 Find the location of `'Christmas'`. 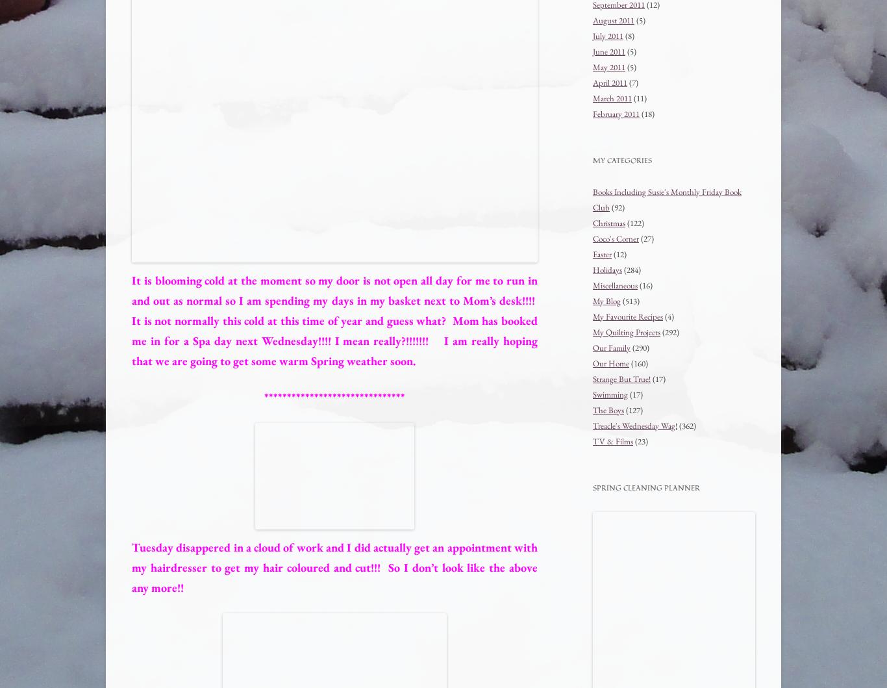

'Christmas' is located at coordinates (609, 222).